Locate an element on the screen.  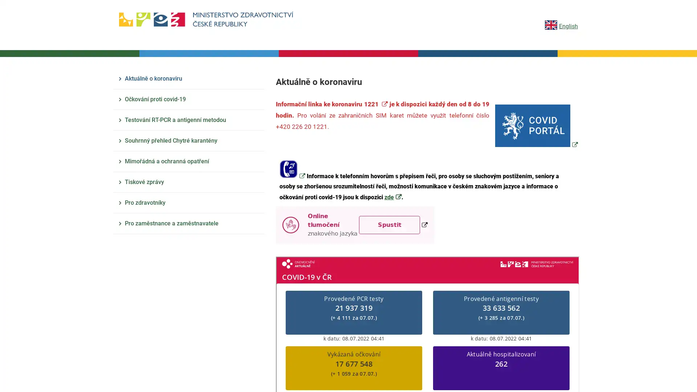
Spustit is located at coordinates (389, 224).